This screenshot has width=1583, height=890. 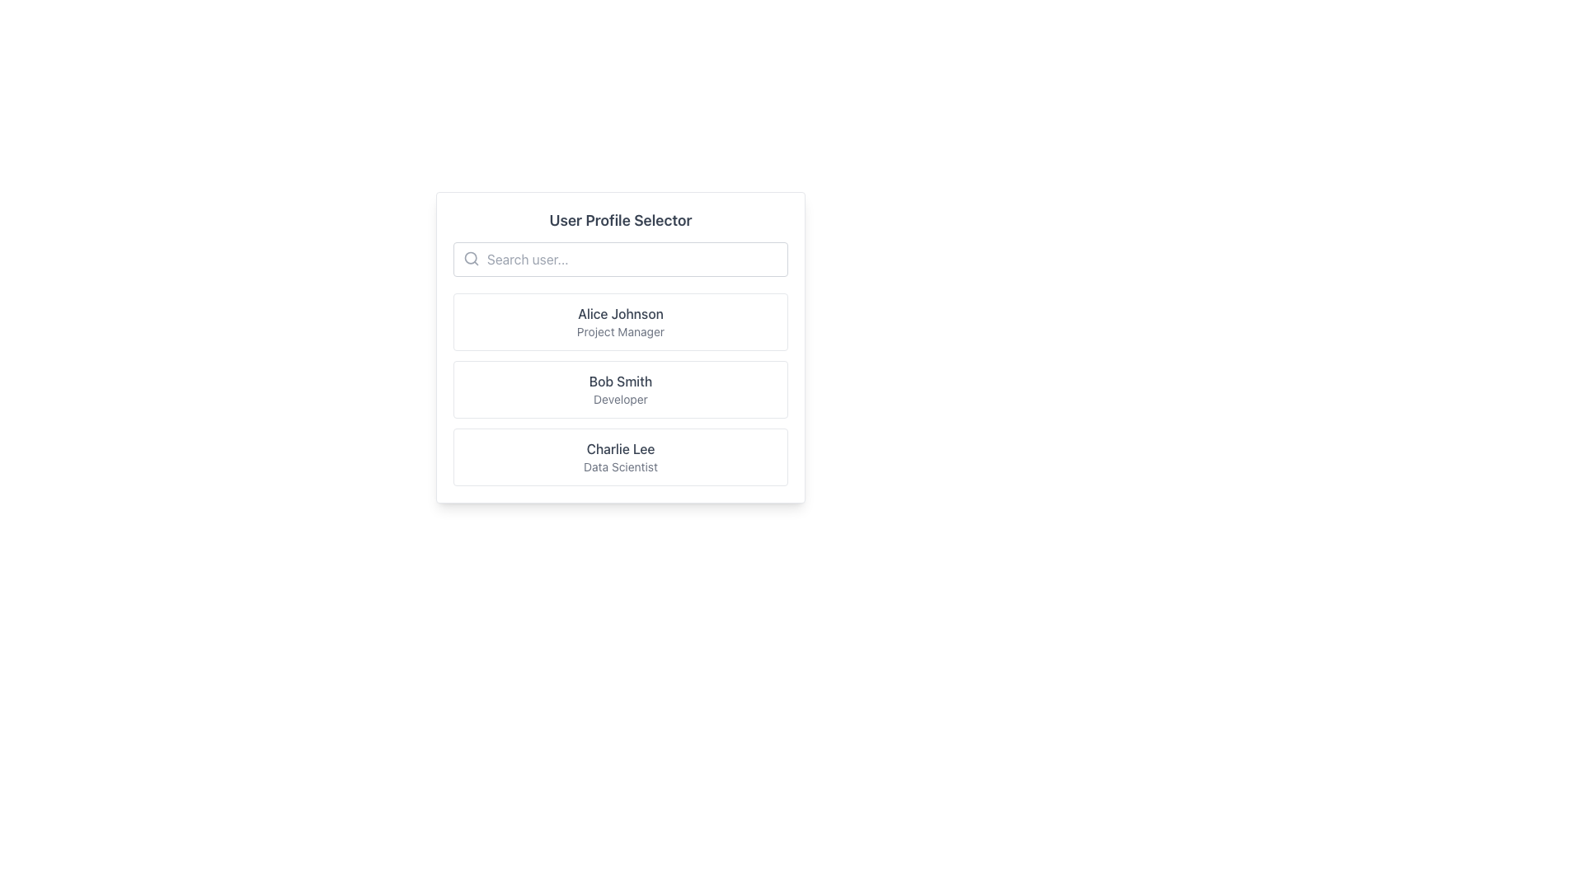 What do you see at coordinates (620, 390) in the screenshot?
I see `to select the user profile entry for 'Bob Smith, Developer' in the User Profile Selector list` at bounding box center [620, 390].